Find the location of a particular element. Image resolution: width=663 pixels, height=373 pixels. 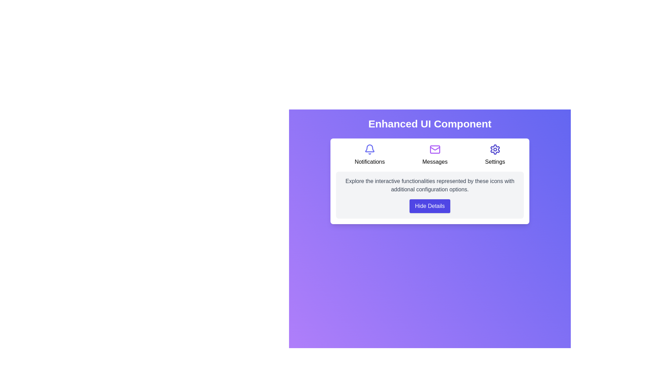

the 'Messages' button, which features a mail icon with a purple outline above the text 'Messages', located between 'Notifications' and 'Settings' within a white card in a purple-themed interface is located at coordinates (434, 154).